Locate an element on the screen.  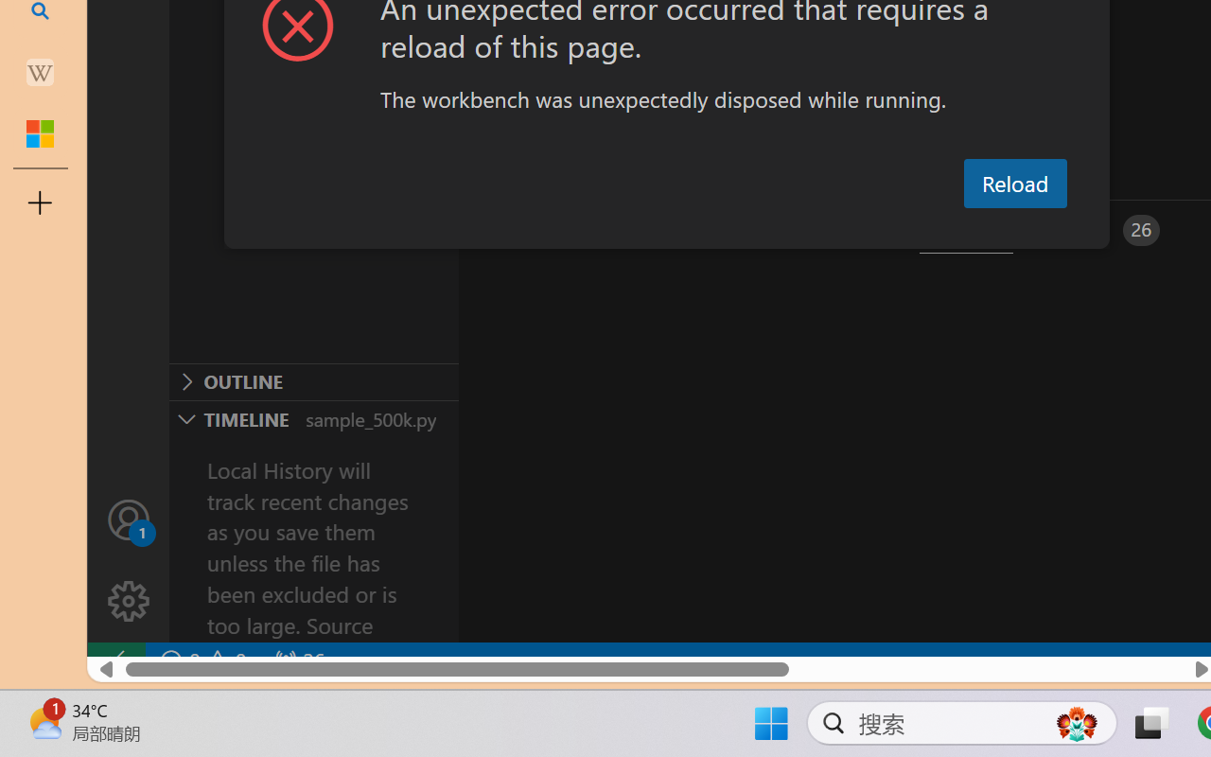
'No Problems' is located at coordinates (202, 660).